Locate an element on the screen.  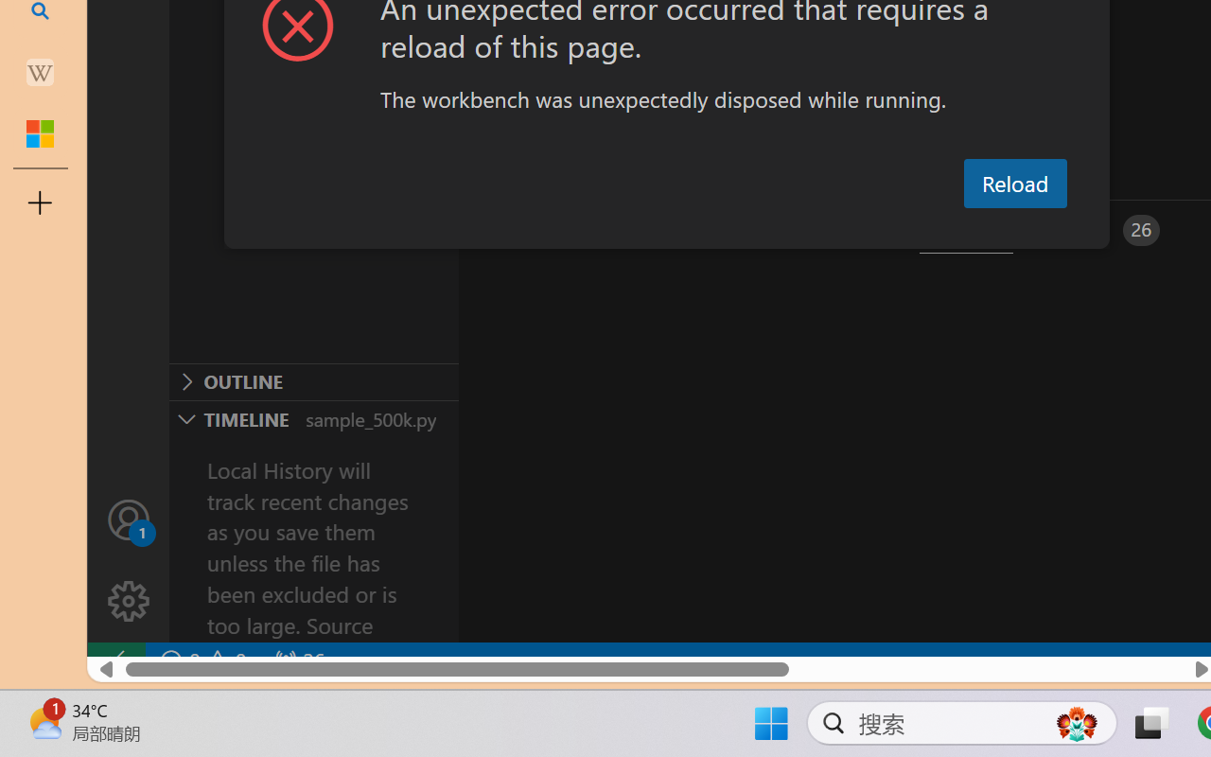
'No Problems' is located at coordinates (202, 660).